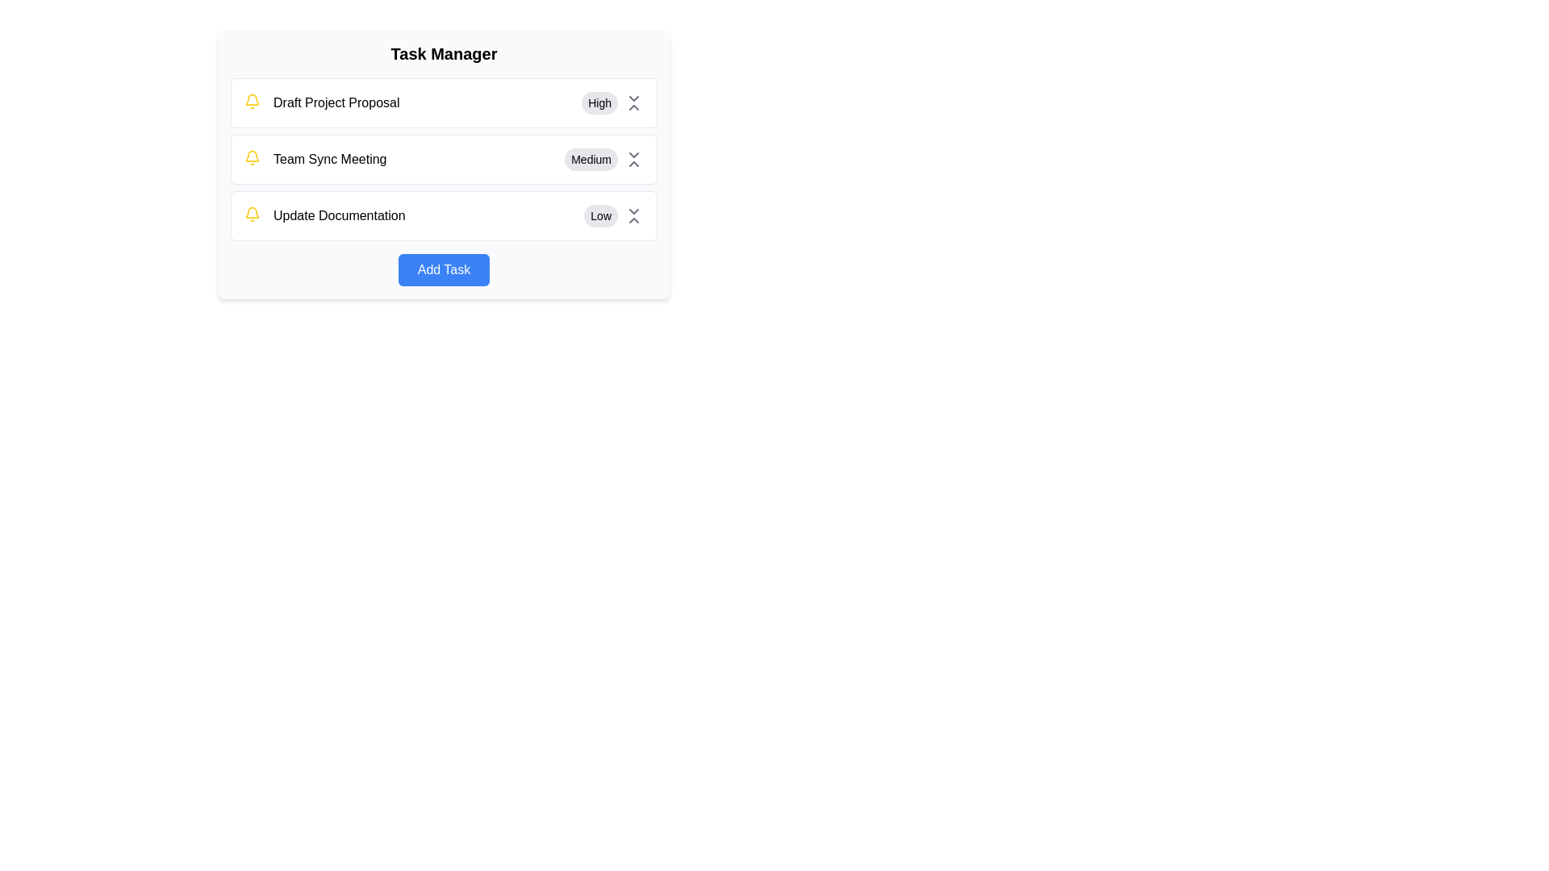 The image size is (1549, 871). What do you see at coordinates (315, 159) in the screenshot?
I see `the static text label displaying 'Team Sync Meeting', which is part of a task entry in the task list, located between 'Draft Project Proposal' and 'Update Documentation', and adjacent to the 'Medium' priority indicator` at bounding box center [315, 159].